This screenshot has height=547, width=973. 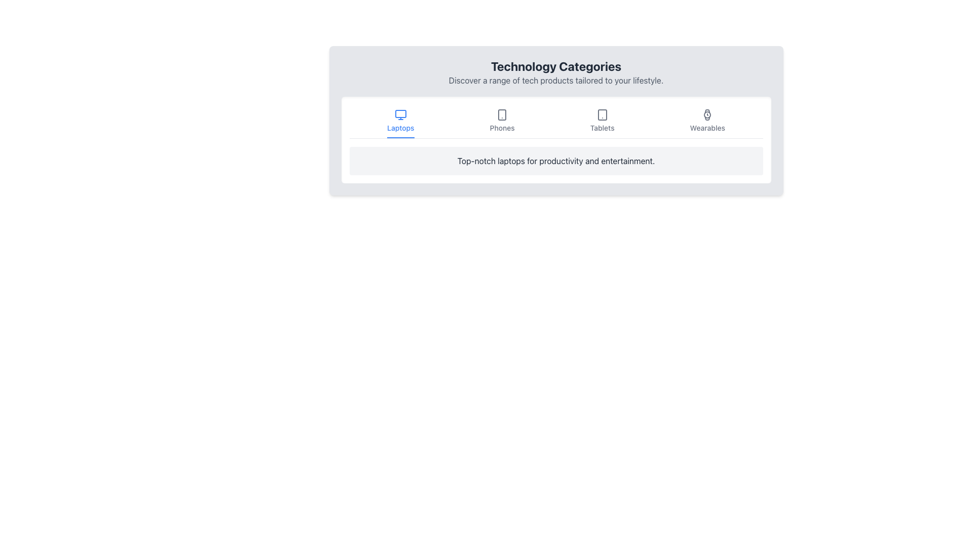 What do you see at coordinates (400, 114) in the screenshot?
I see `the monitor icon above the text label 'Laptops' in the horizontal navigation bar` at bounding box center [400, 114].